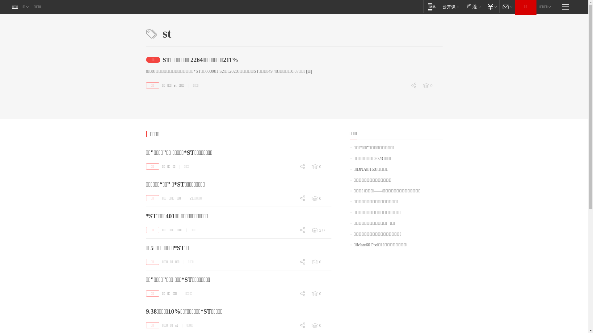  I want to click on '0', so click(274, 209).